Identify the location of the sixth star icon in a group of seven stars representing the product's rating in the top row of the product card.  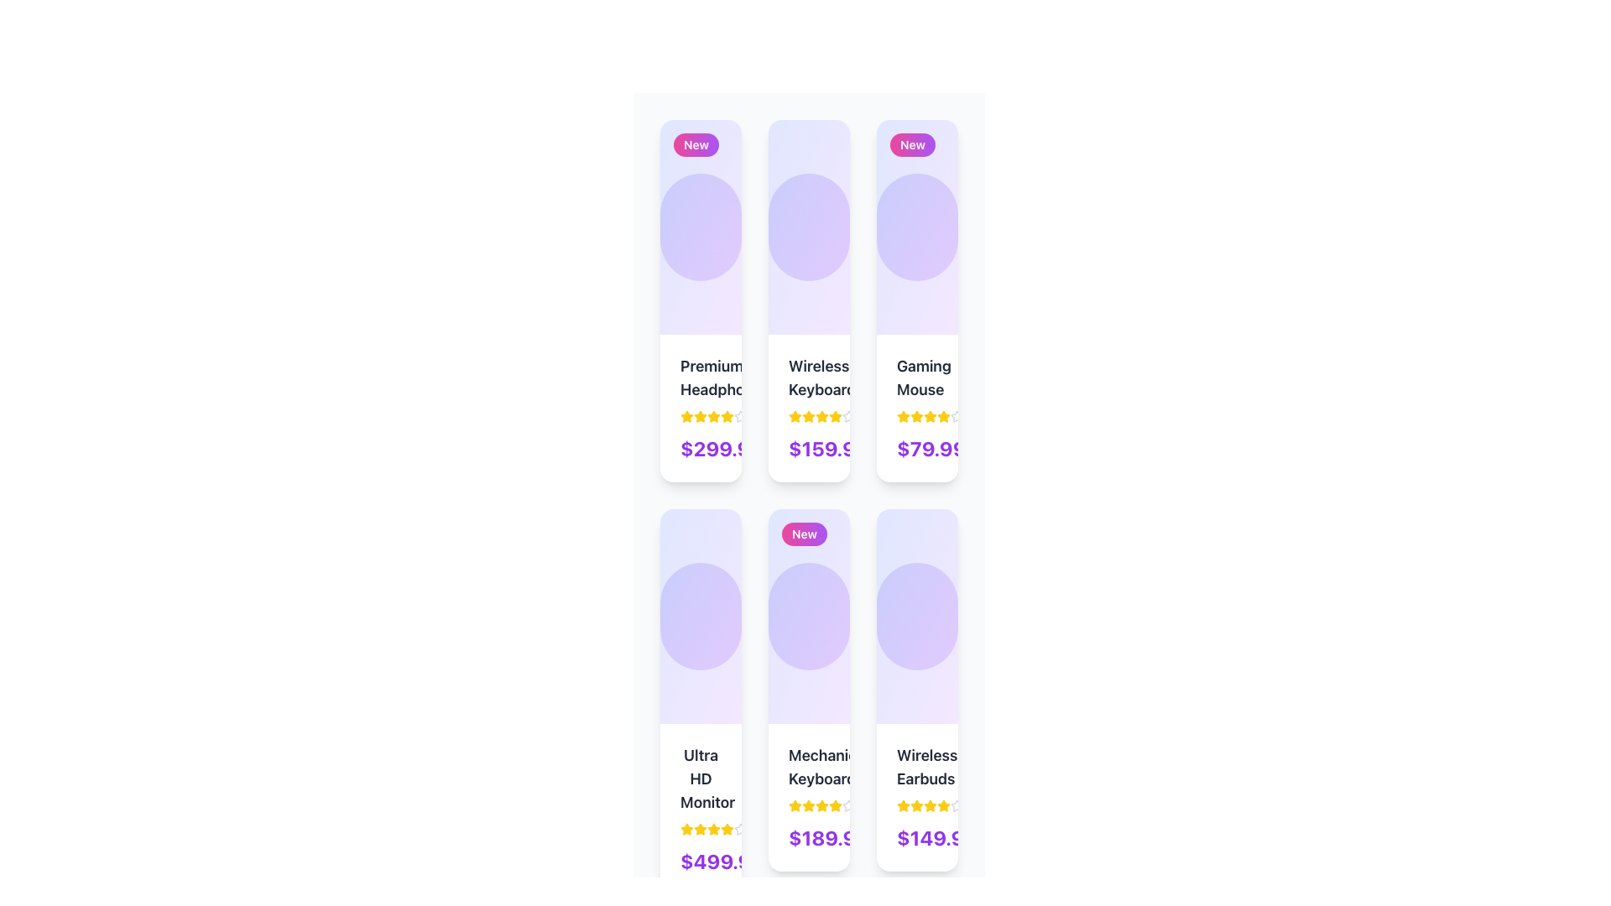
(943, 416).